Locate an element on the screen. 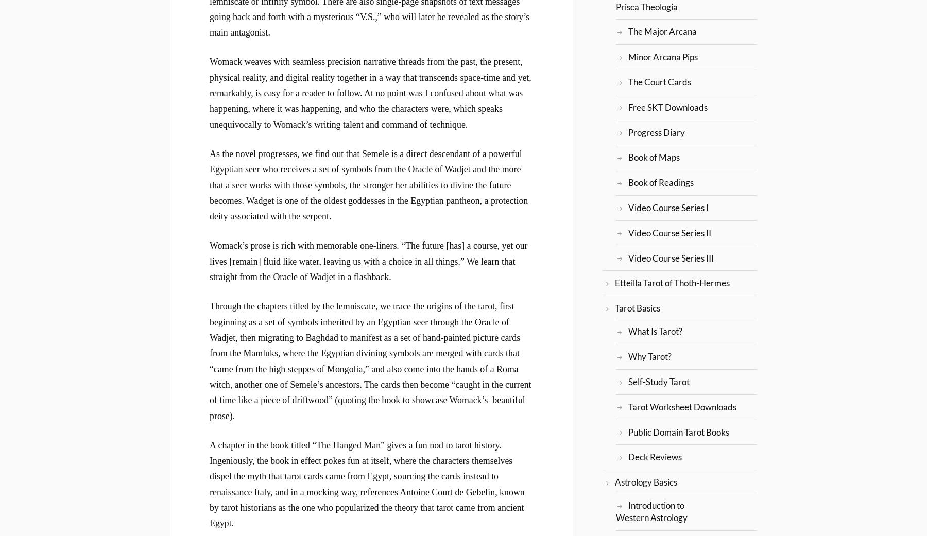 The height and width of the screenshot is (536, 927). 'Book of Maps' is located at coordinates (654, 157).